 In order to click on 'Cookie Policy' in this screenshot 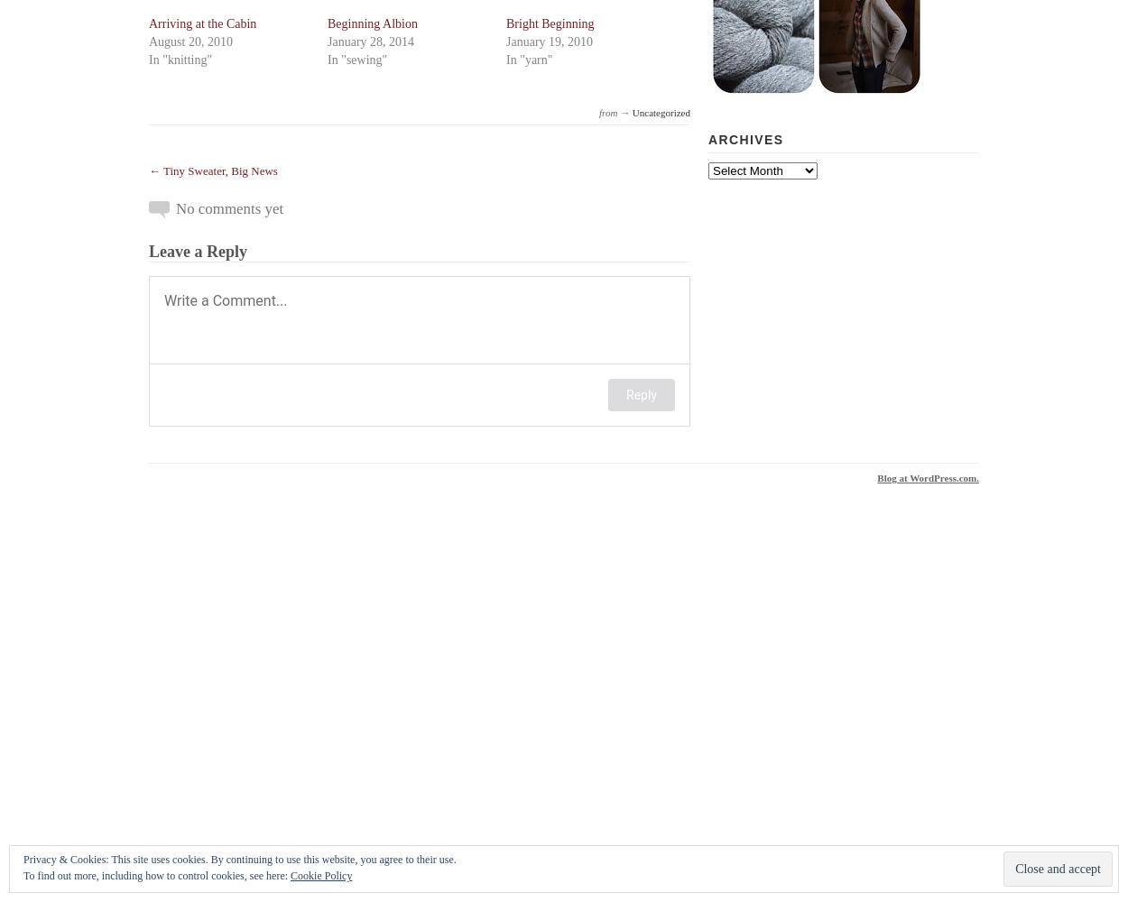, I will do `click(320, 875)`.